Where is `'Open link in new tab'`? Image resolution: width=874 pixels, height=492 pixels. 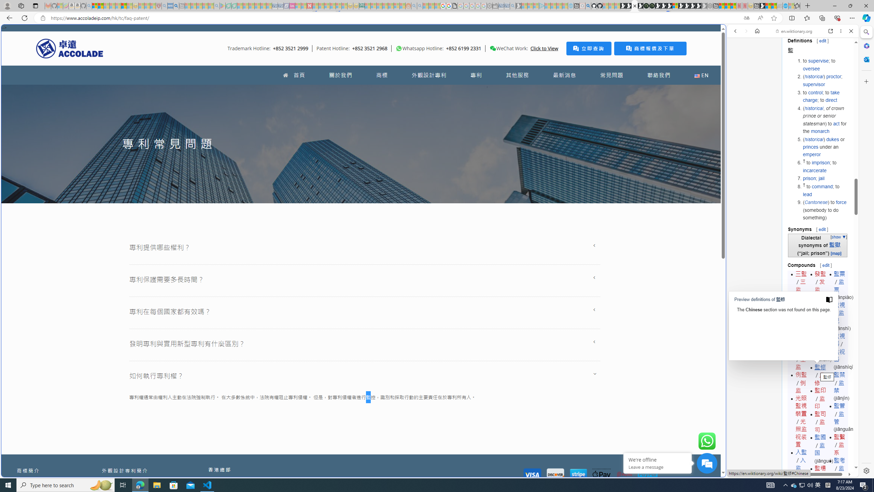 'Open link in new tab' is located at coordinates (831, 30).